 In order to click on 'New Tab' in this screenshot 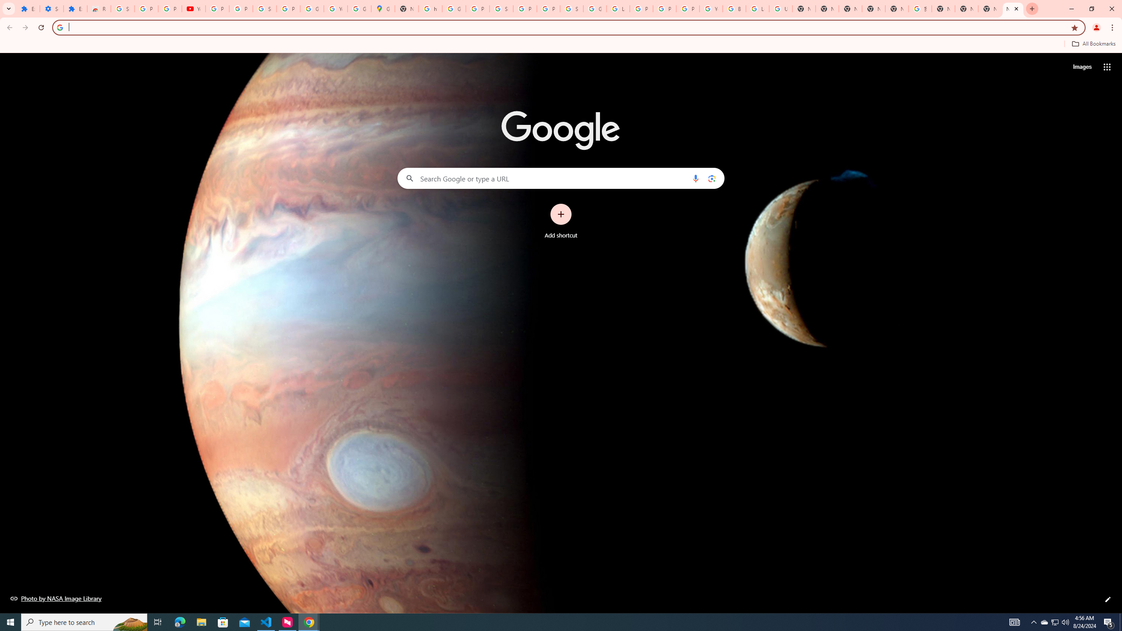, I will do `click(1013, 8)`.